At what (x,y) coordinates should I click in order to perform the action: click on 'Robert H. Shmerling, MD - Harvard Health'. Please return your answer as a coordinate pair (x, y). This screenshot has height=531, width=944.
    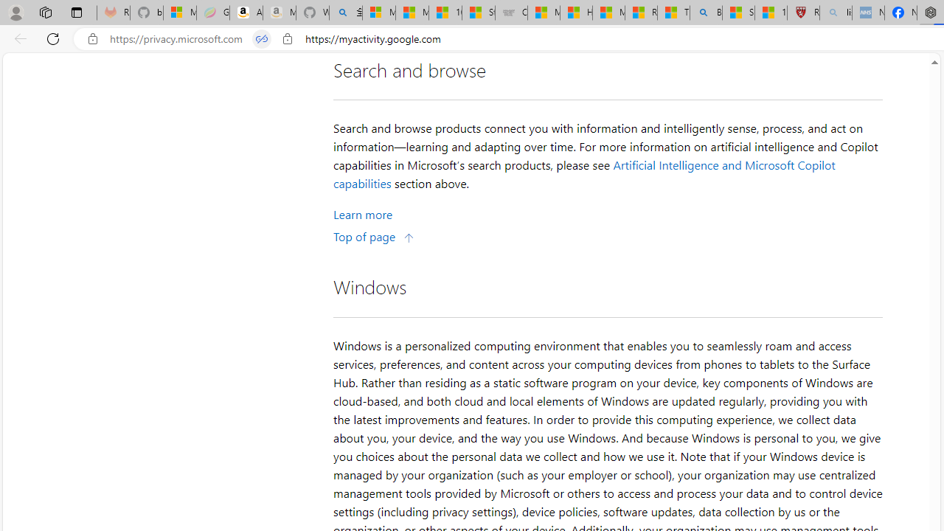
    Looking at the image, I should click on (802, 13).